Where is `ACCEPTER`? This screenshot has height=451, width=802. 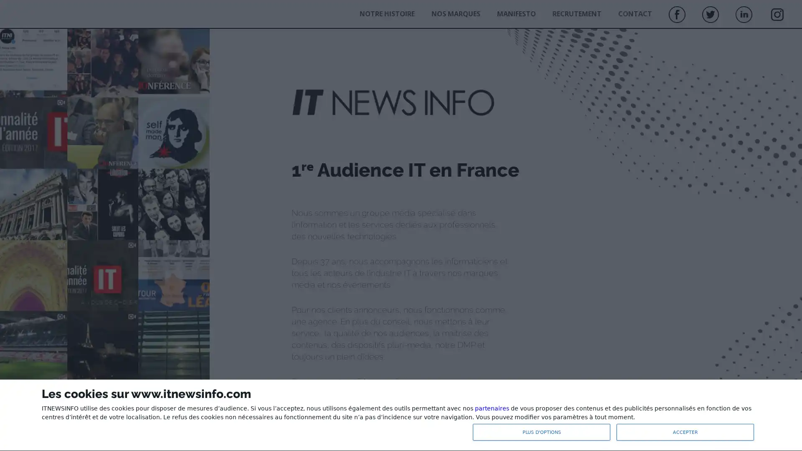 ACCEPTER is located at coordinates (685, 432).